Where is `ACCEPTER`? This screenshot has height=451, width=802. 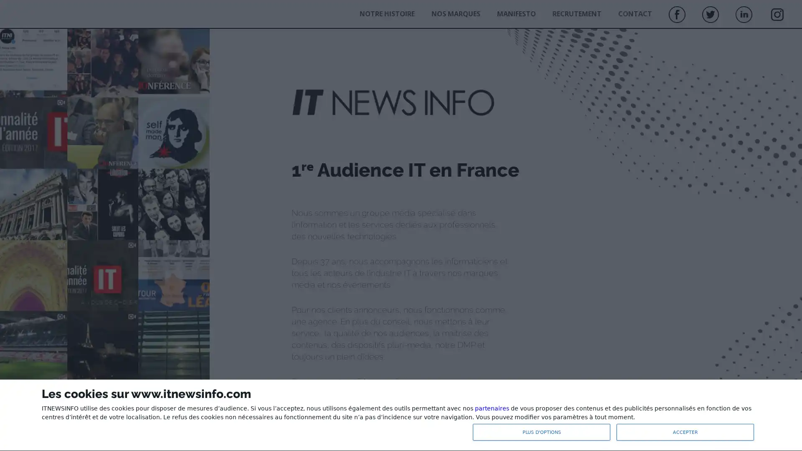 ACCEPTER is located at coordinates (685, 432).